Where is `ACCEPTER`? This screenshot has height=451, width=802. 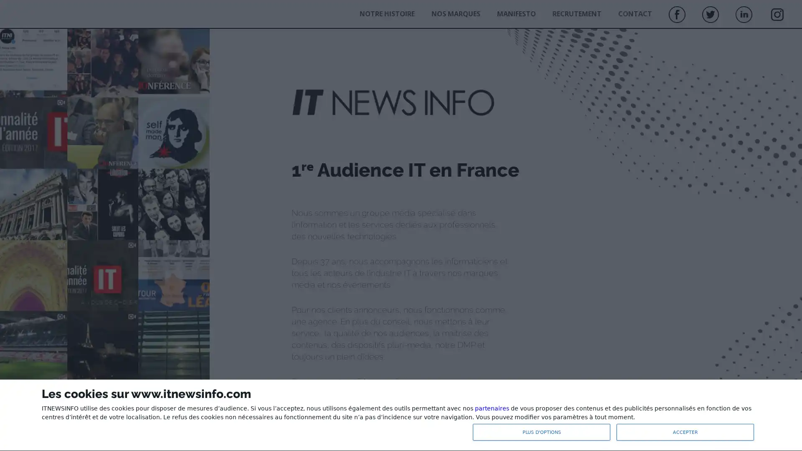 ACCEPTER is located at coordinates (685, 432).